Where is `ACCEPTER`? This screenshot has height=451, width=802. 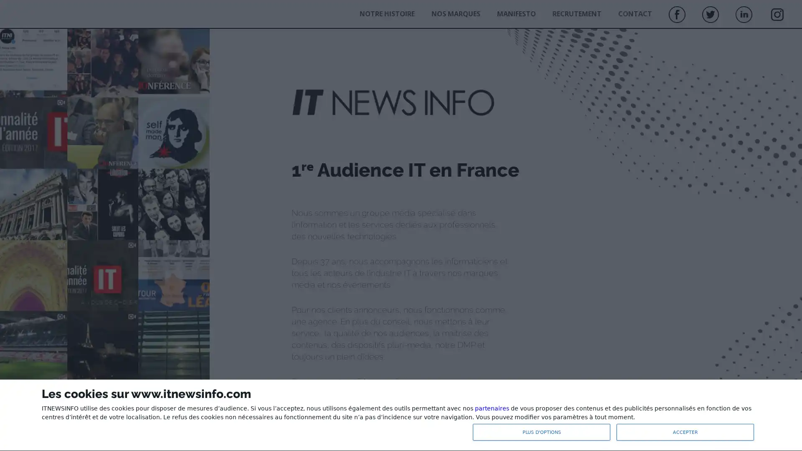 ACCEPTER is located at coordinates (685, 432).